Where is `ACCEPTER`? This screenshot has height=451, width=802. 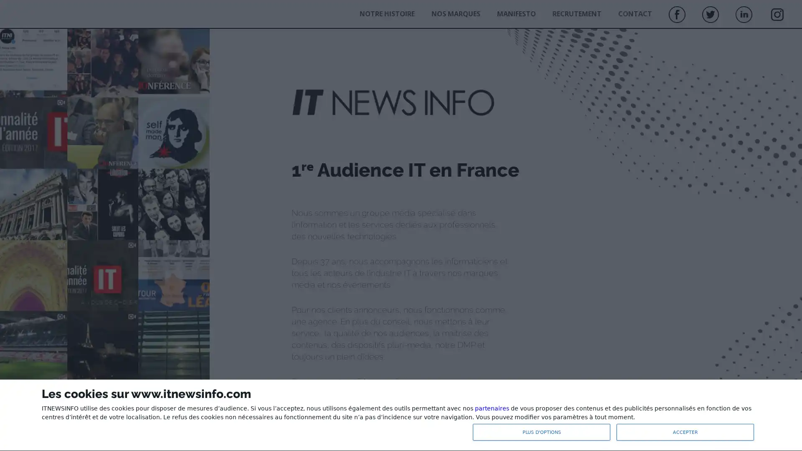 ACCEPTER is located at coordinates (685, 432).